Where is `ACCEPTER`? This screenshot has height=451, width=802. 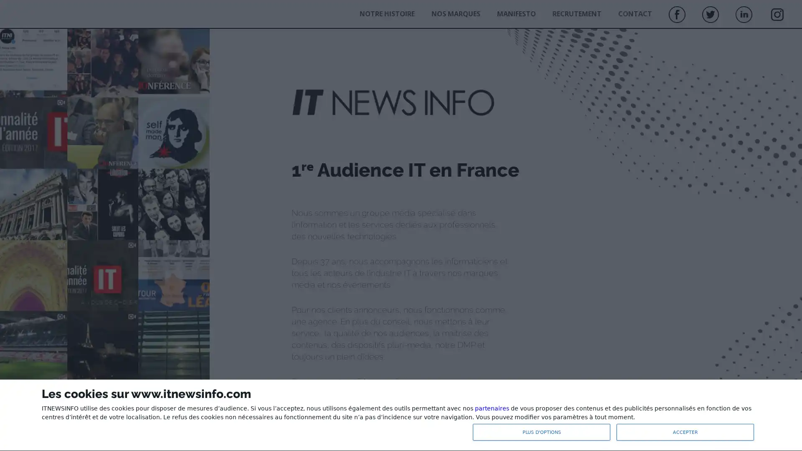 ACCEPTER is located at coordinates (685, 432).